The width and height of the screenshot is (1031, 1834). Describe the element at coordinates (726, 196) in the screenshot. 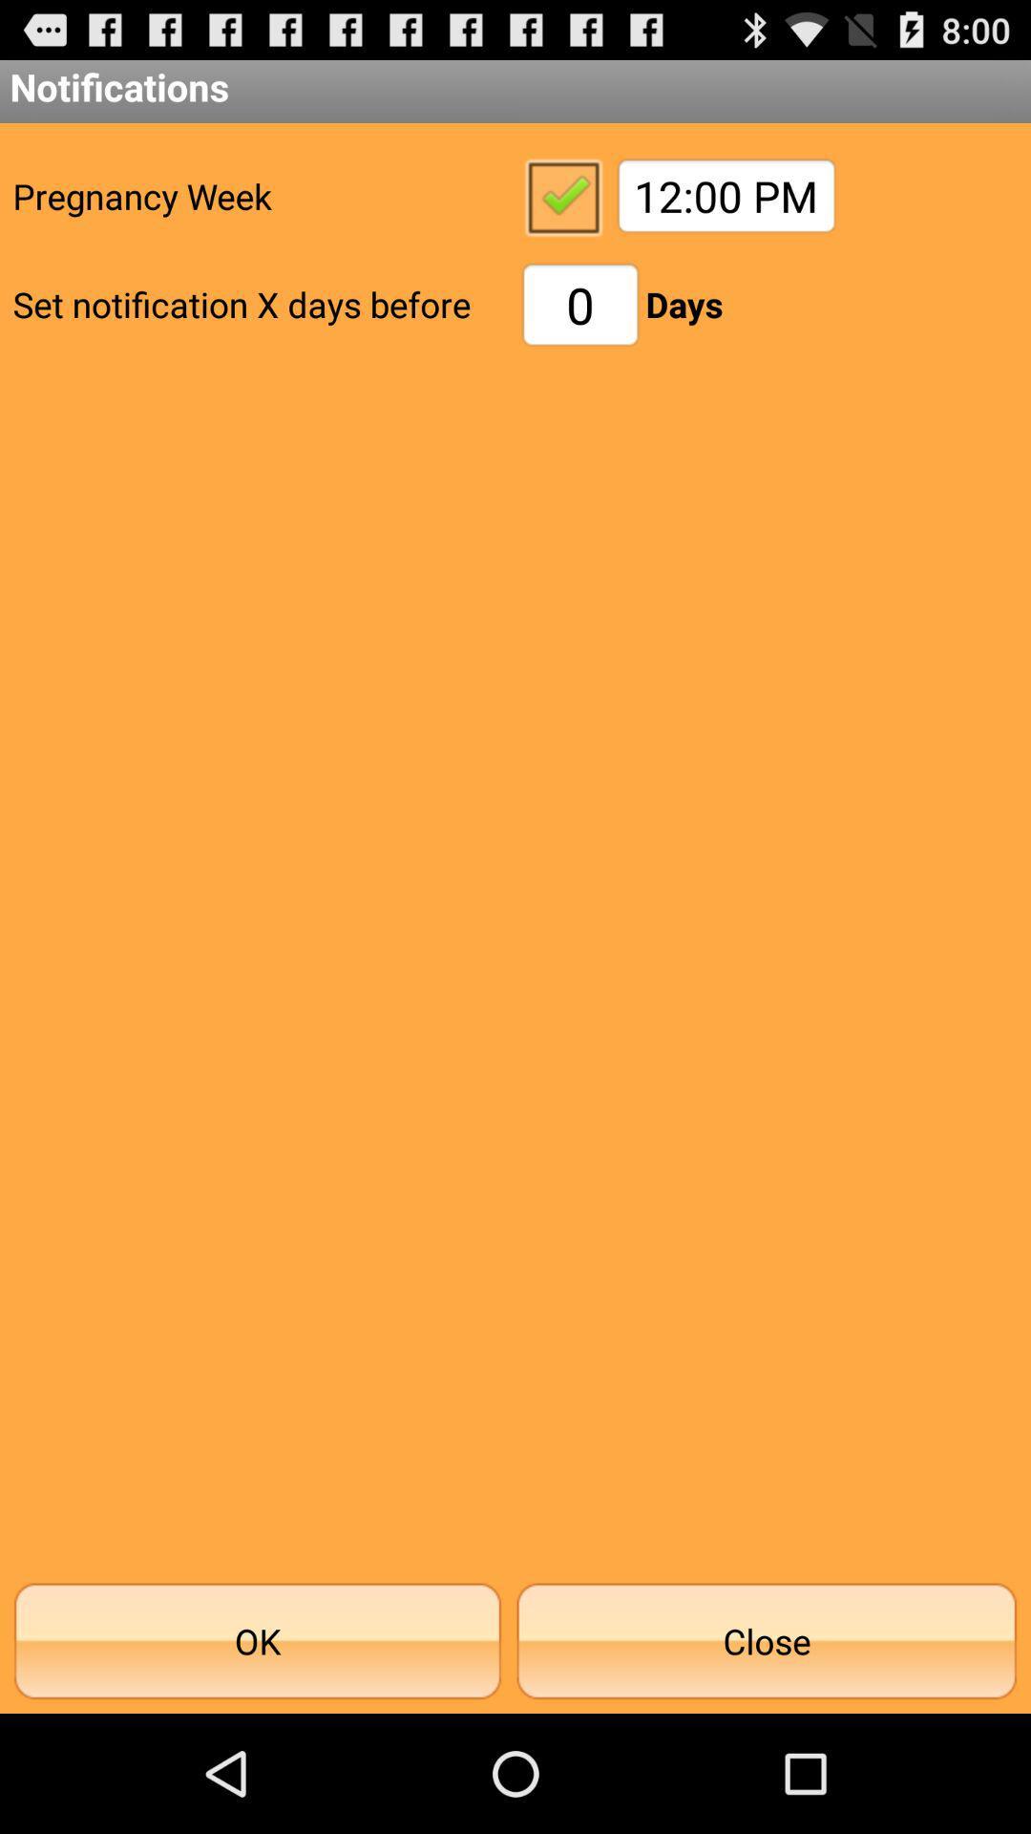

I see `12:00 pm app` at that location.